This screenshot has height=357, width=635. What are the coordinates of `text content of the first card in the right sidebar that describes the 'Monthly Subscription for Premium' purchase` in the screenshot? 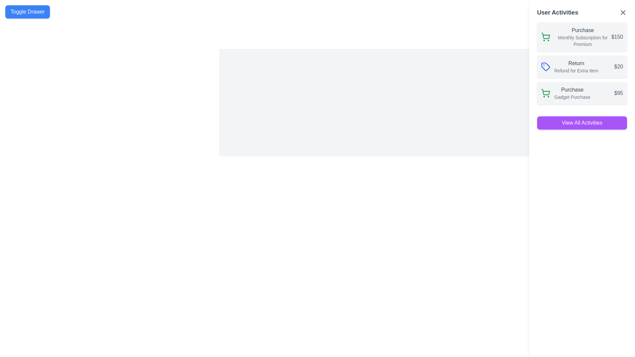 It's located at (583, 37).